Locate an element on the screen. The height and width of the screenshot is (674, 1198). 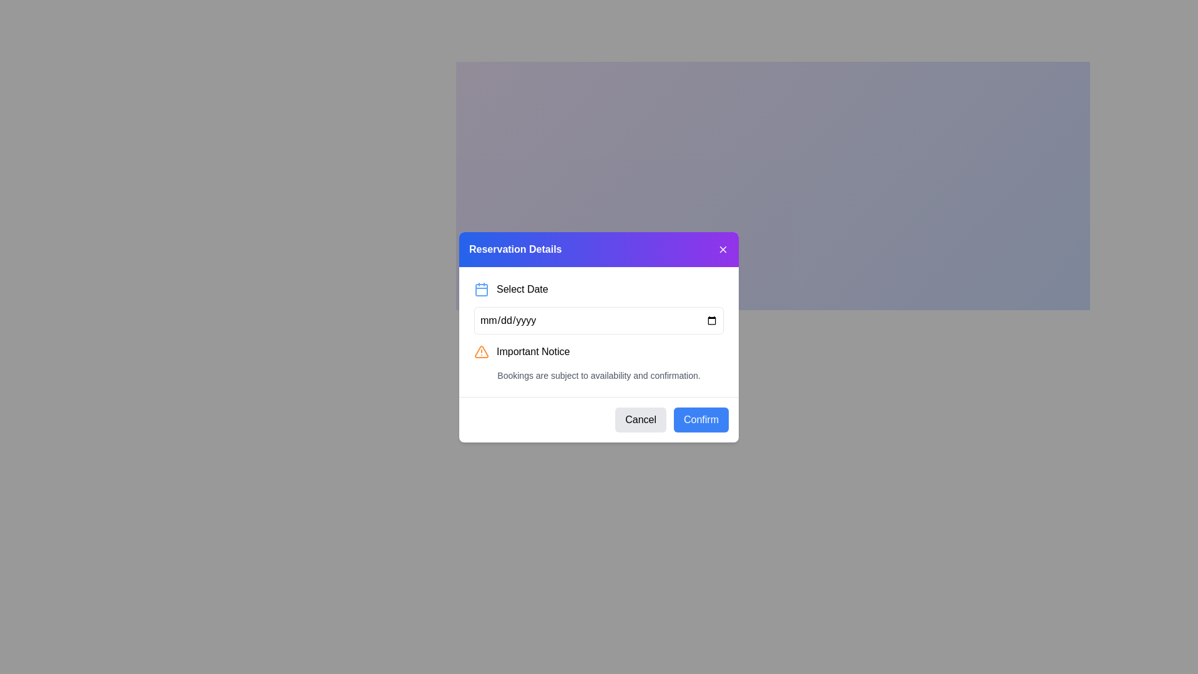
the confirm button located in the bottom section of the modal dialog, which is the rightmost button next to the 'Cancel' button is located at coordinates (701, 419).